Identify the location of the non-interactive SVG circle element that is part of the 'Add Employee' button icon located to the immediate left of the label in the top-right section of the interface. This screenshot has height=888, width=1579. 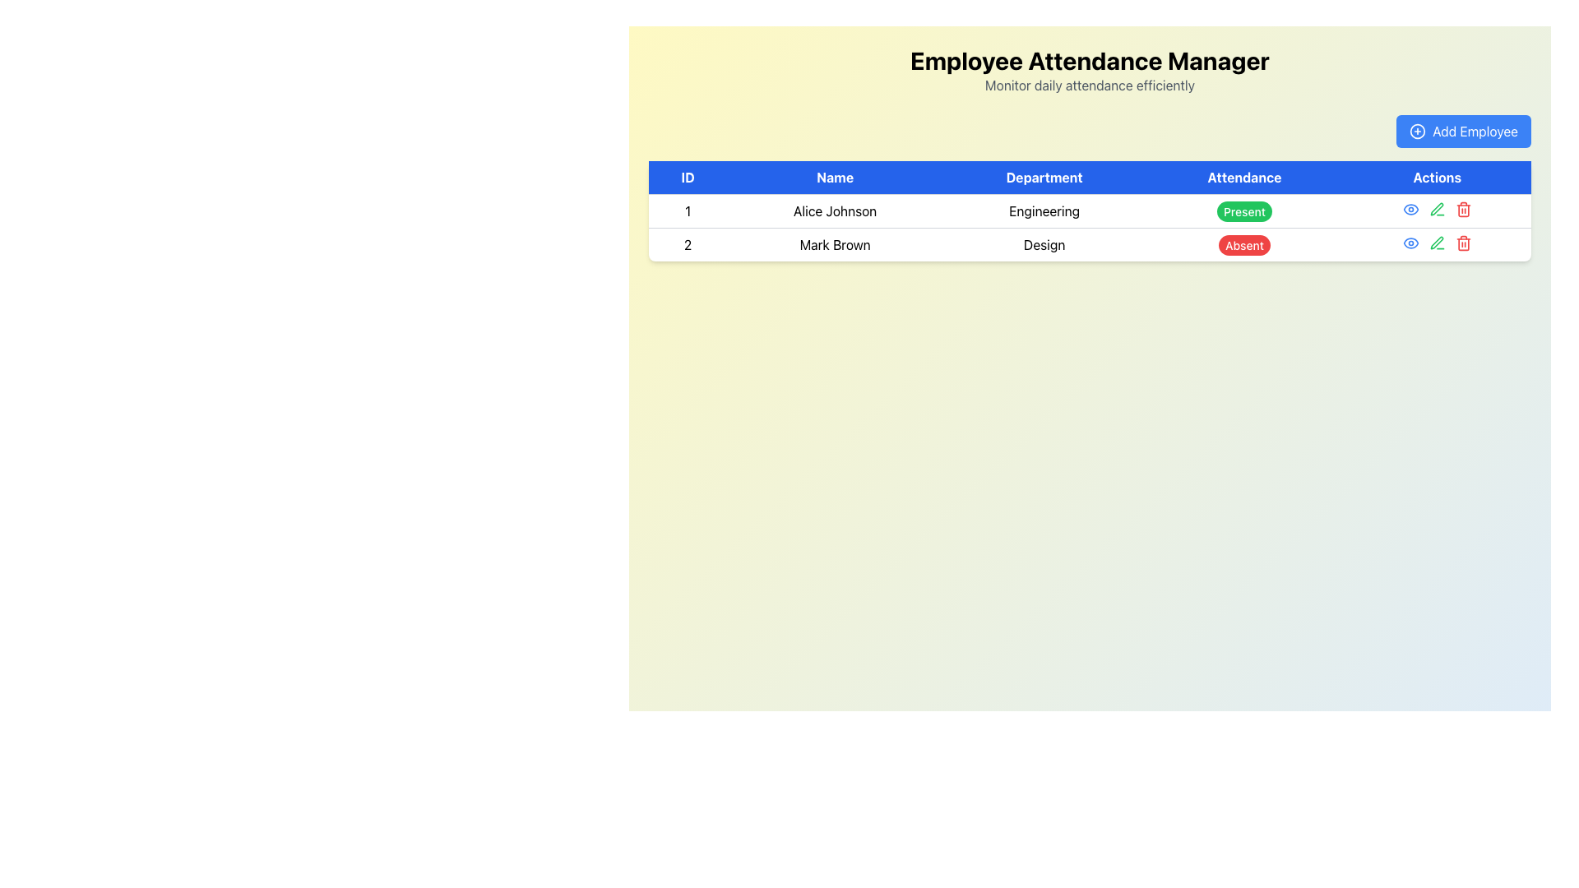
(1417, 130).